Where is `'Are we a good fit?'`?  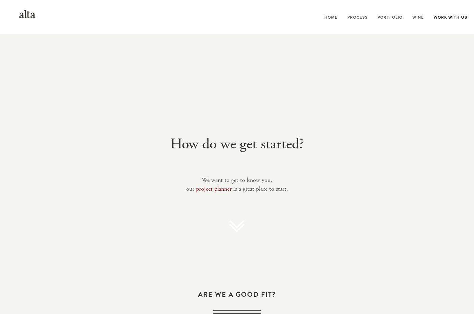 'Are we a good fit?' is located at coordinates (237, 294).